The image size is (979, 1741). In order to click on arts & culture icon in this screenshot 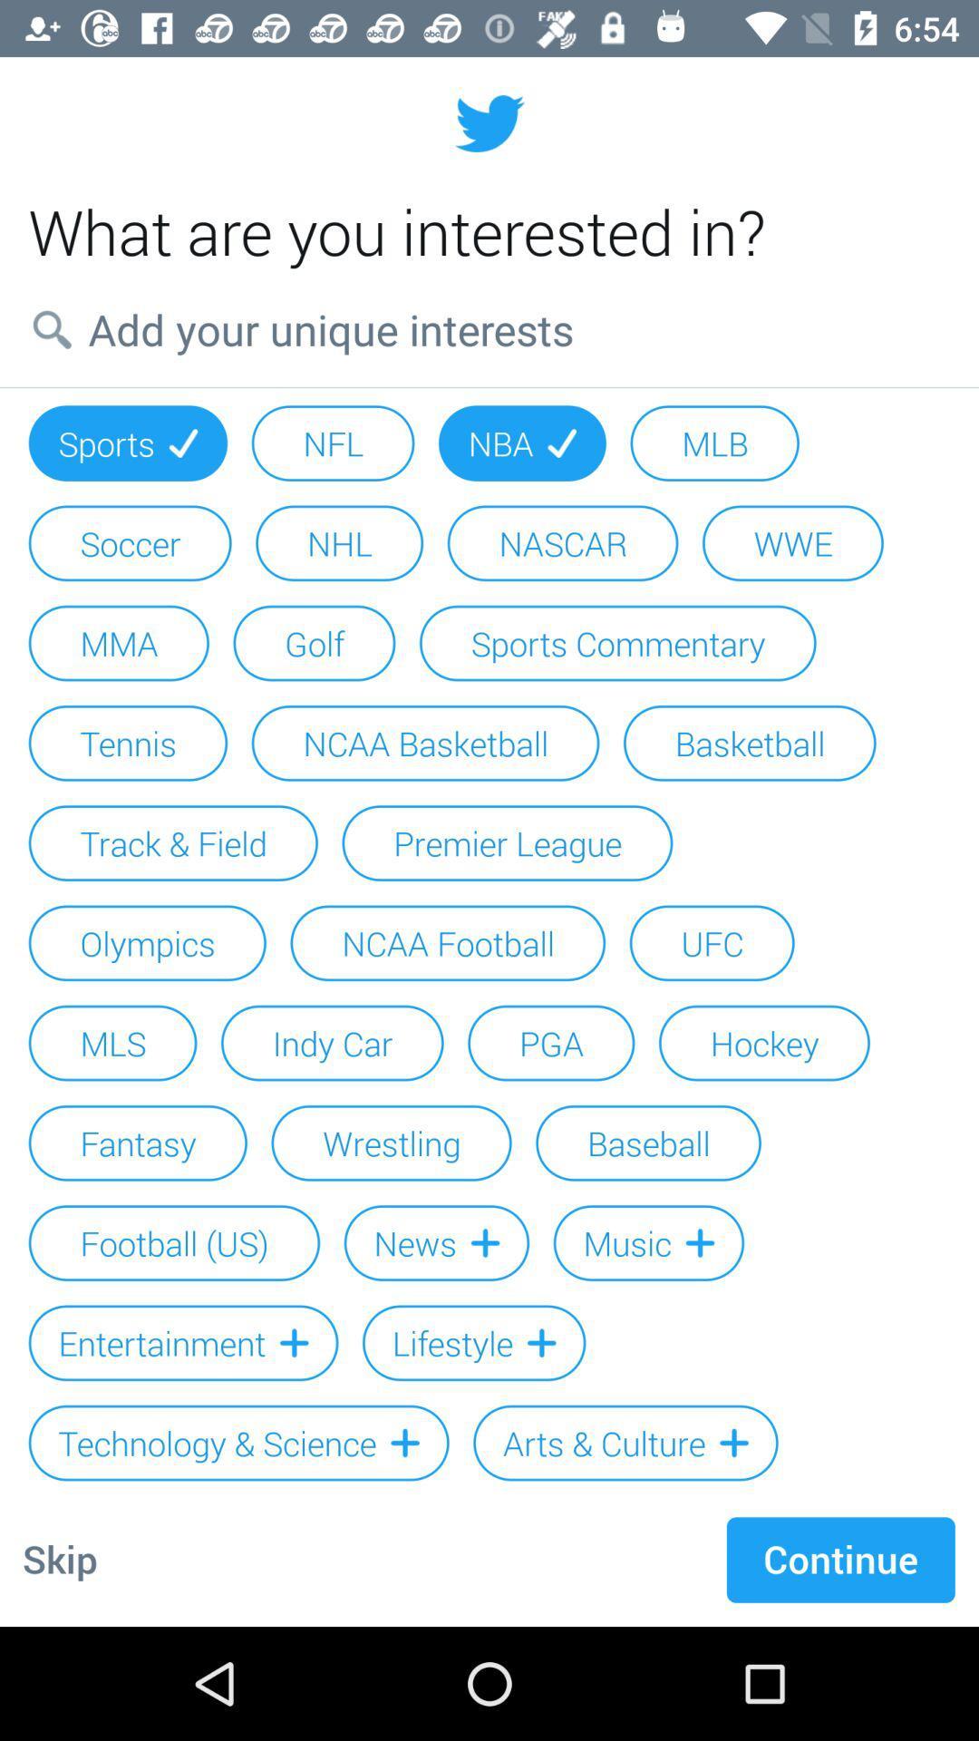, I will do `click(625, 1442)`.